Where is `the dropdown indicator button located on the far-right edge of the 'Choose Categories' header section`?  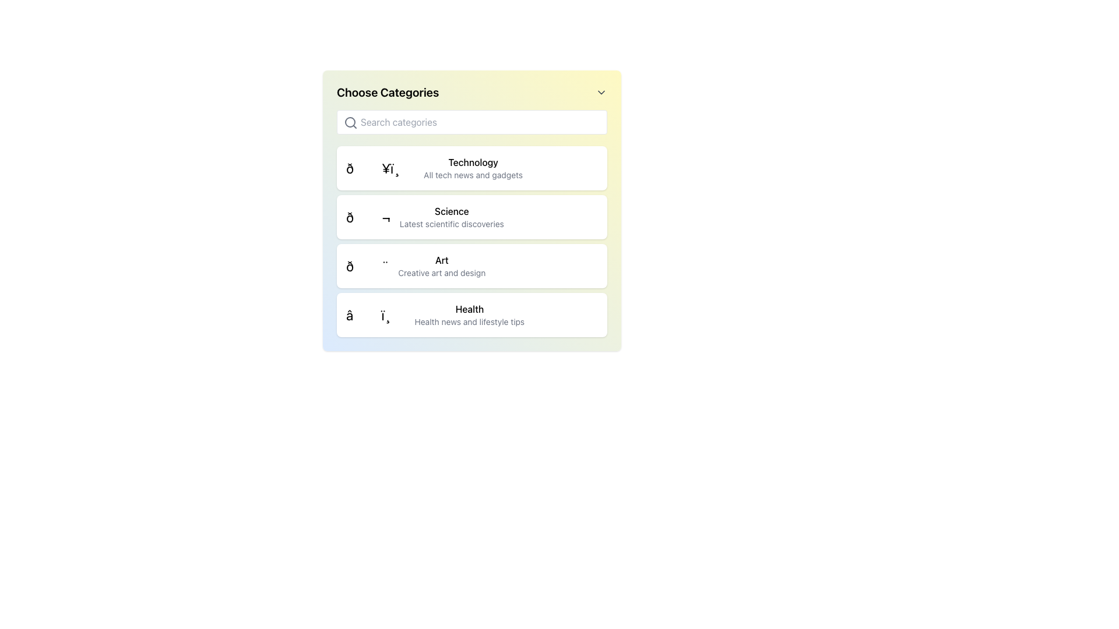 the dropdown indicator button located on the far-right edge of the 'Choose Categories' header section is located at coordinates (601, 91).